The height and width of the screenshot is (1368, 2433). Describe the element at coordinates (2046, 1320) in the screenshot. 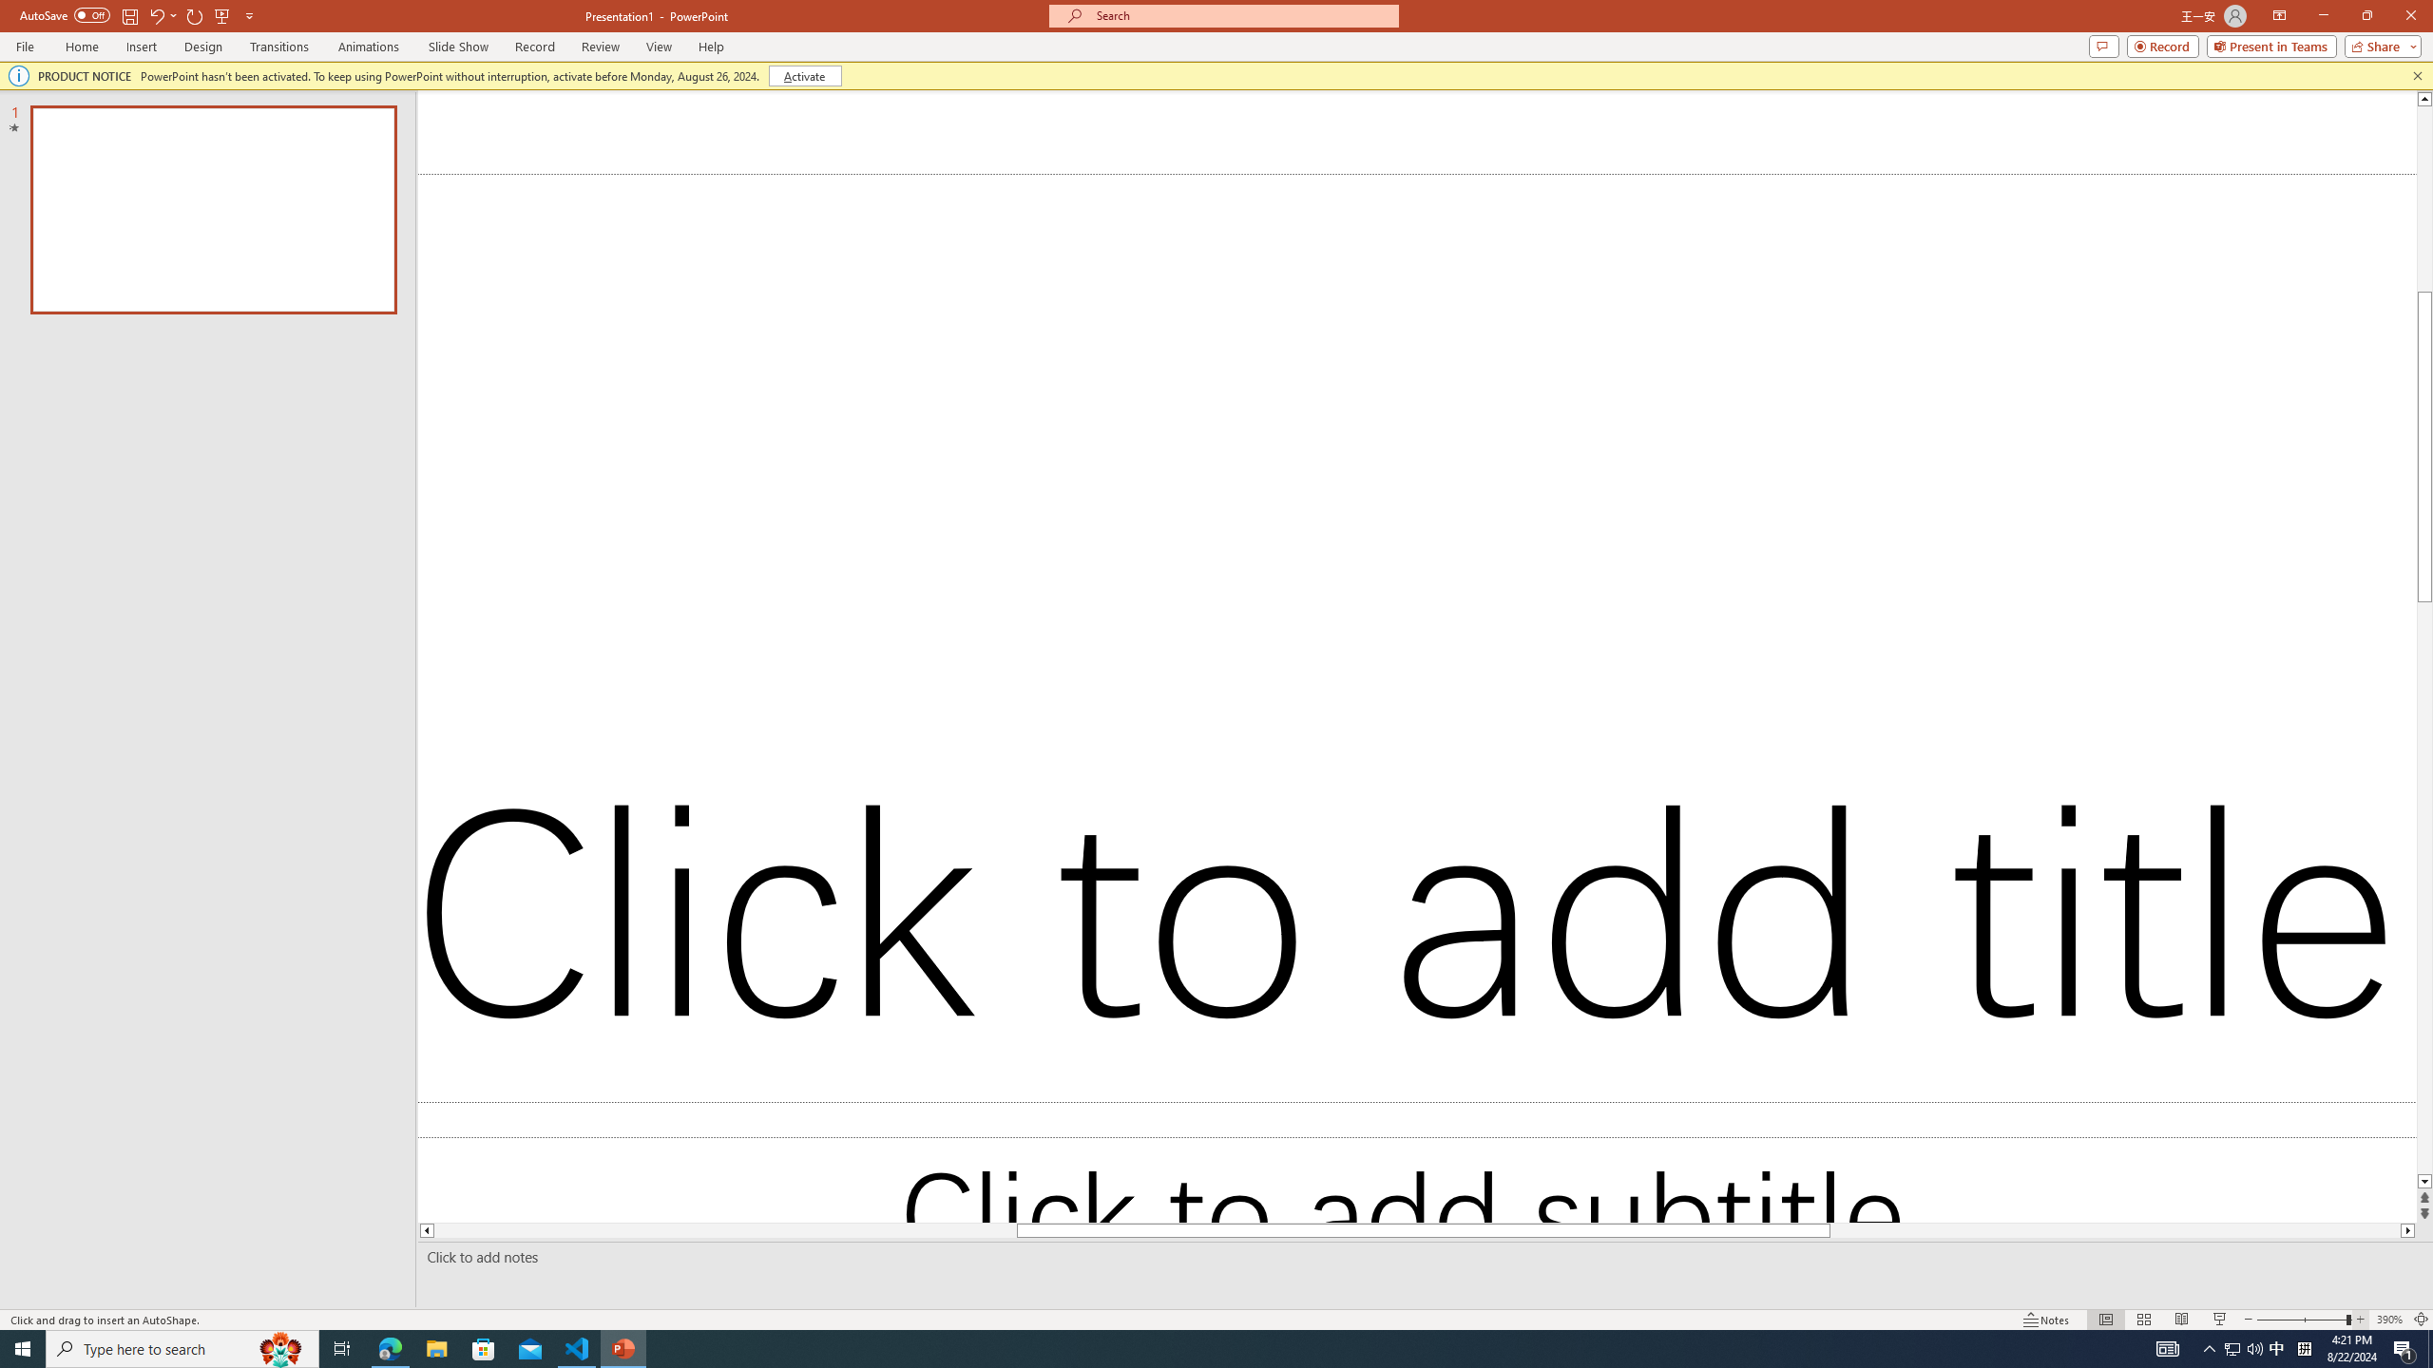

I see `'Notes '` at that location.